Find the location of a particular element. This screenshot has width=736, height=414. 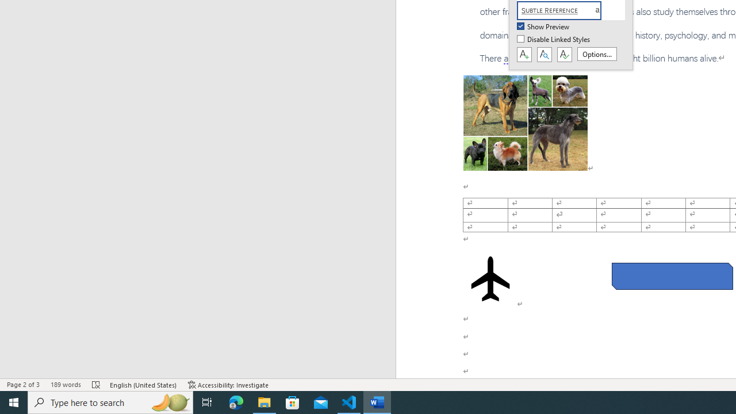

'Show Preview' is located at coordinates (543, 26).